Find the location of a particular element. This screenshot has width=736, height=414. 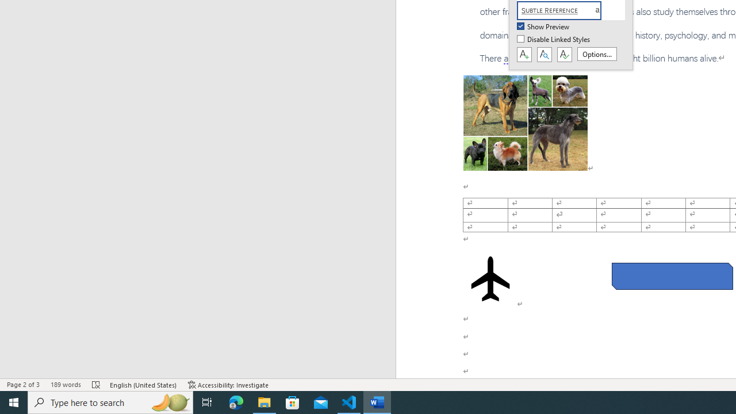

'Show Preview' is located at coordinates (543, 26).